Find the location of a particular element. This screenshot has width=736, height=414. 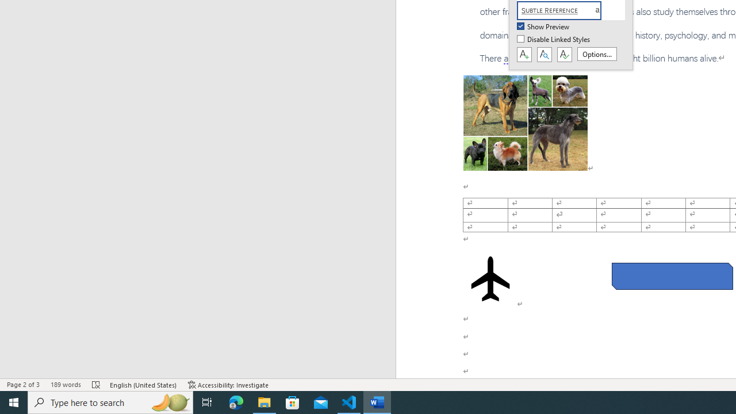

'Show Preview' is located at coordinates (543, 26).